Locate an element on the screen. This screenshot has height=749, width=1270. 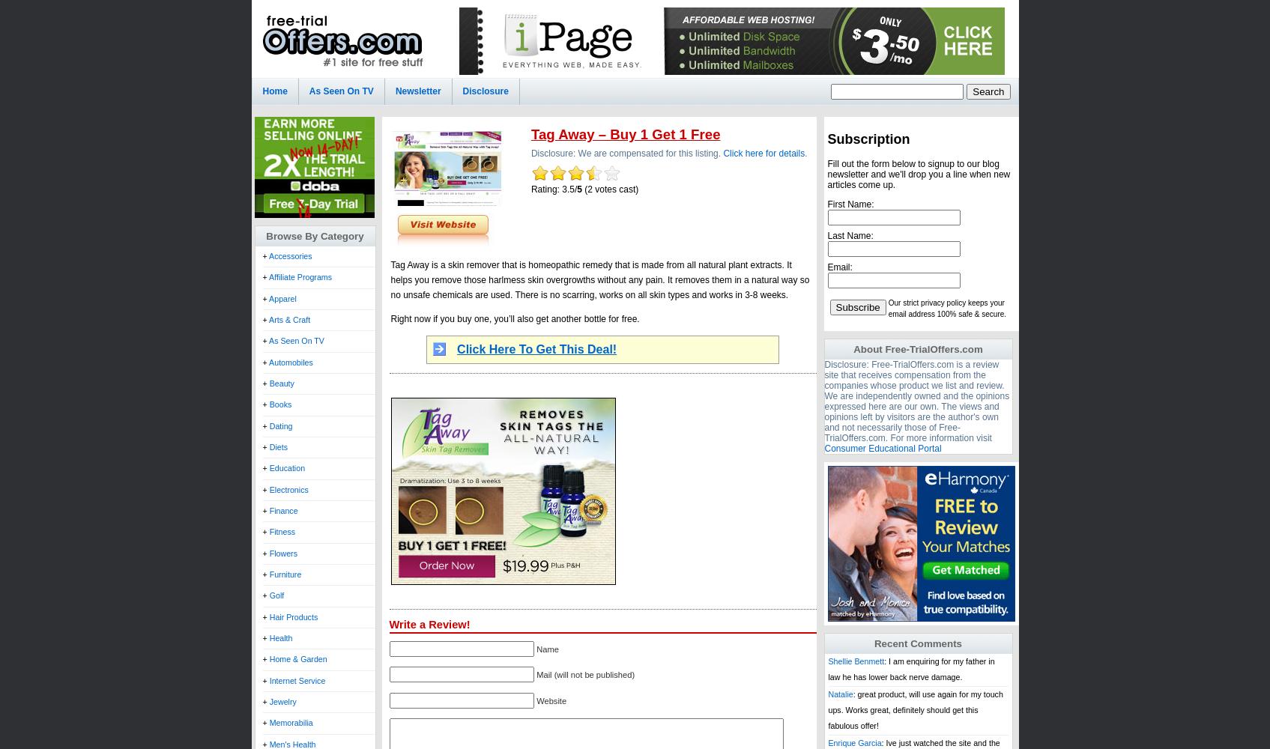
'.' is located at coordinates (805, 153).